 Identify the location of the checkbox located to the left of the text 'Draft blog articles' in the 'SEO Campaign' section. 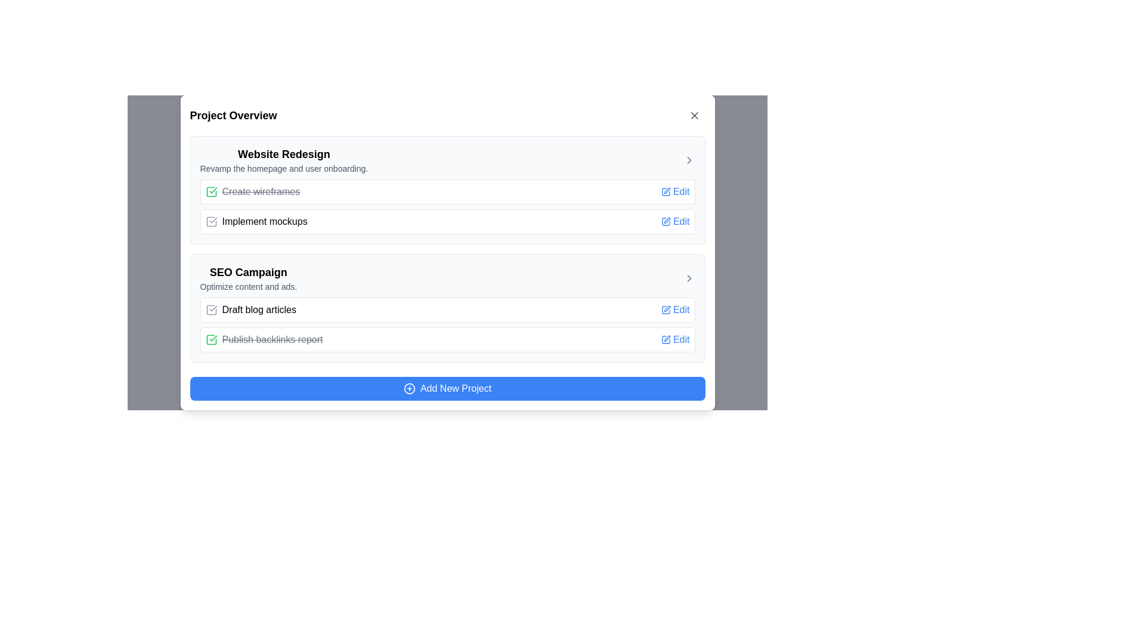
(211, 309).